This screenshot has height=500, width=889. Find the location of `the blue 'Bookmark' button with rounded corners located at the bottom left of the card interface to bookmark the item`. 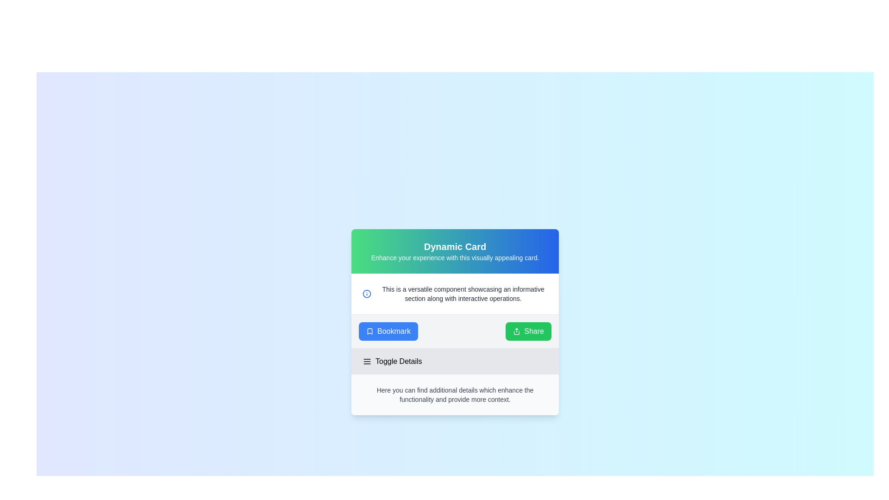

the blue 'Bookmark' button with rounded corners located at the bottom left of the card interface to bookmark the item is located at coordinates (388, 331).